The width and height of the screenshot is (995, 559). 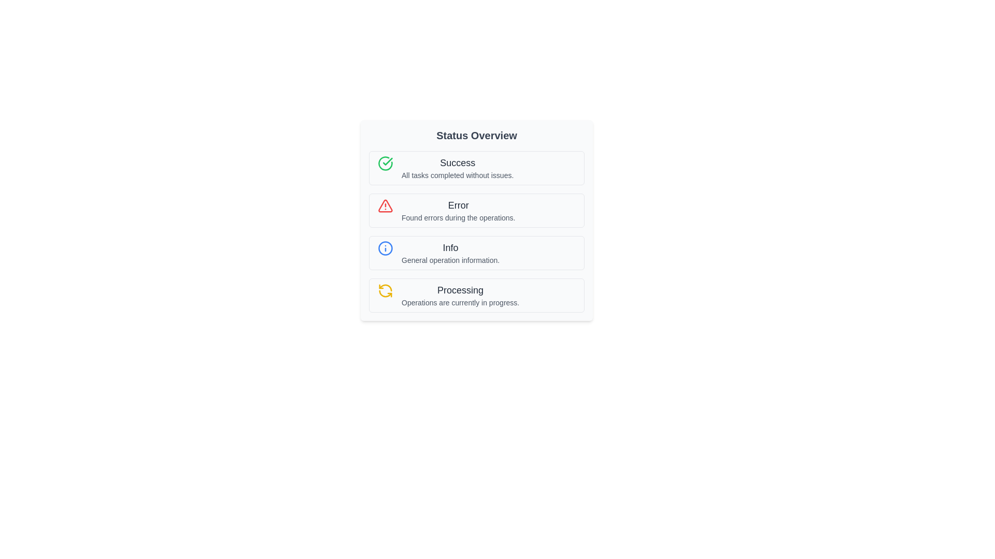 What do you see at coordinates (458, 217) in the screenshot?
I see `the text label displaying 'Found errors during the operations.' which is located directly below the heading 'Error'` at bounding box center [458, 217].